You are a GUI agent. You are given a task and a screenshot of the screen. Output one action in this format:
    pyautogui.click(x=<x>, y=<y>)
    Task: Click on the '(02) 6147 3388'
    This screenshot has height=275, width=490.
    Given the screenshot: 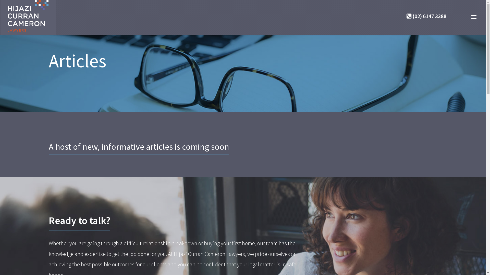 What is the action you would take?
    pyautogui.click(x=426, y=16)
    